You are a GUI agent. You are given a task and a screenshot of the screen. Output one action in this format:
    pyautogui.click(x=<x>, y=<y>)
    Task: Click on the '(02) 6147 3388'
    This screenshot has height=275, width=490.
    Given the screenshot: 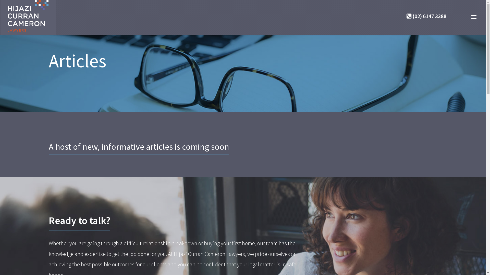 What is the action you would take?
    pyautogui.click(x=426, y=16)
    